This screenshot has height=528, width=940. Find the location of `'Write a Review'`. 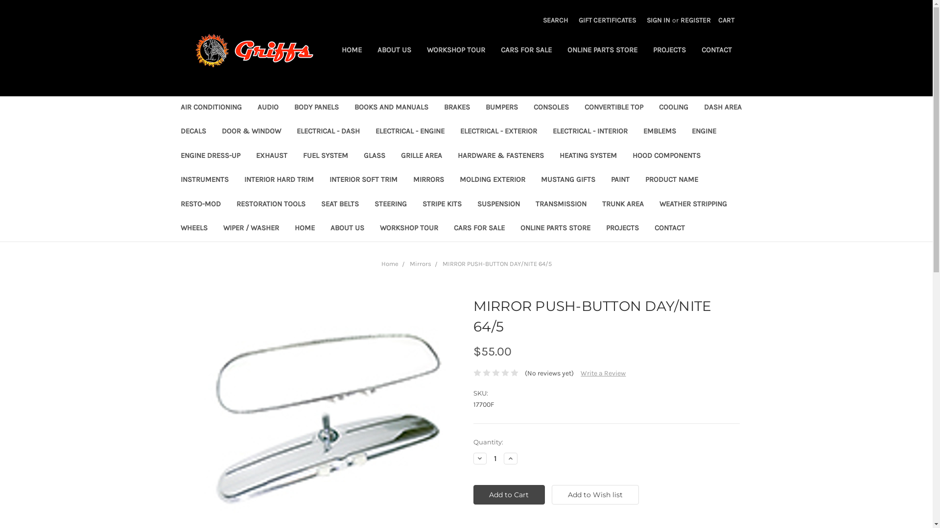

'Write a Review' is located at coordinates (603, 373).